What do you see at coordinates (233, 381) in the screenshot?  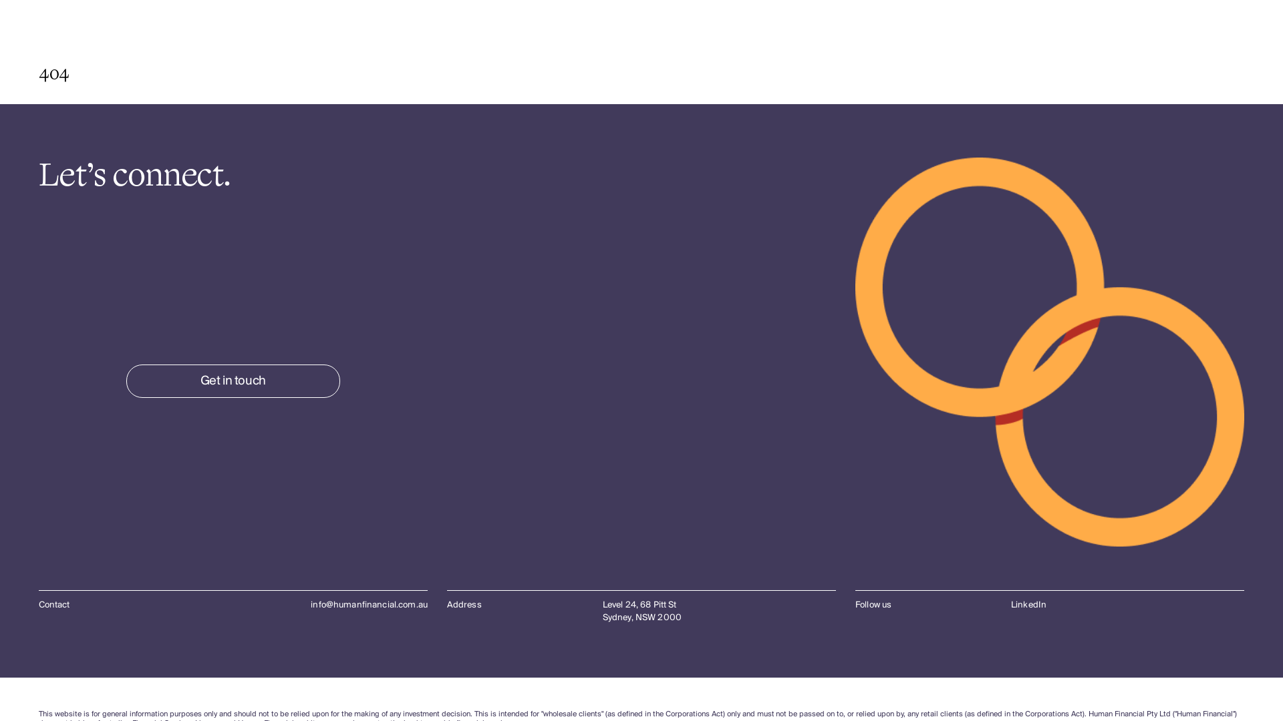 I see `'Get in touch'` at bounding box center [233, 381].